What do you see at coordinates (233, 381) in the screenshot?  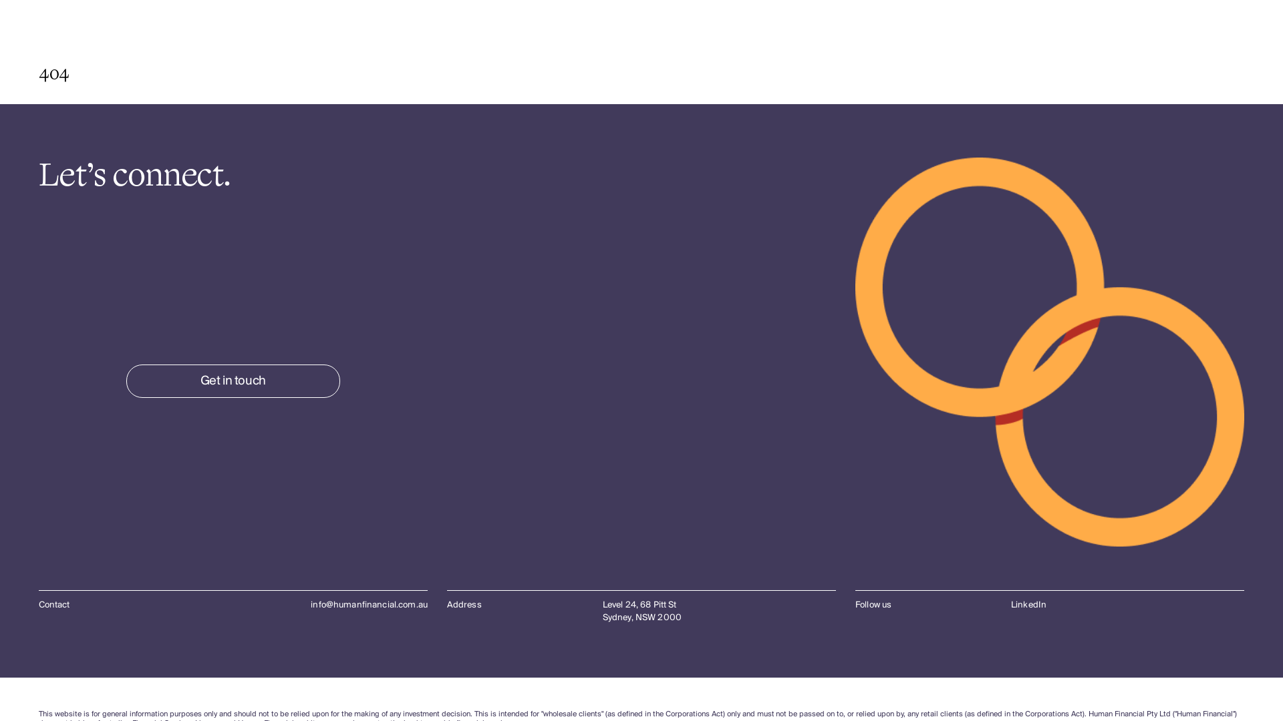 I see `'Get in touch'` at bounding box center [233, 381].